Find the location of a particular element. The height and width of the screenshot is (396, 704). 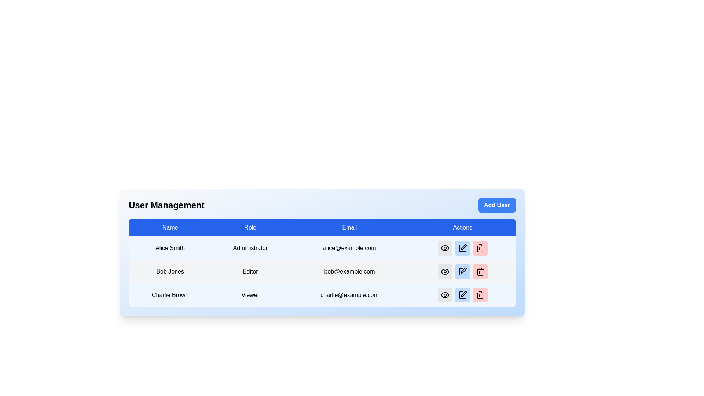

the editing icon for the user 'Alice Smith' located in the 'Actions' column of the table is located at coordinates (463, 247).